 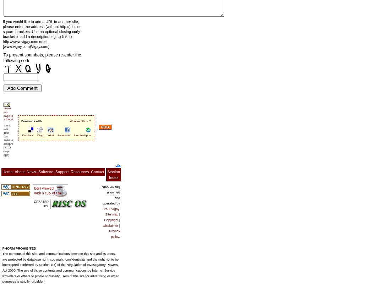 I want to click on 'To prevent spambots, please re-enter the following code:', so click(x=42, y=57).